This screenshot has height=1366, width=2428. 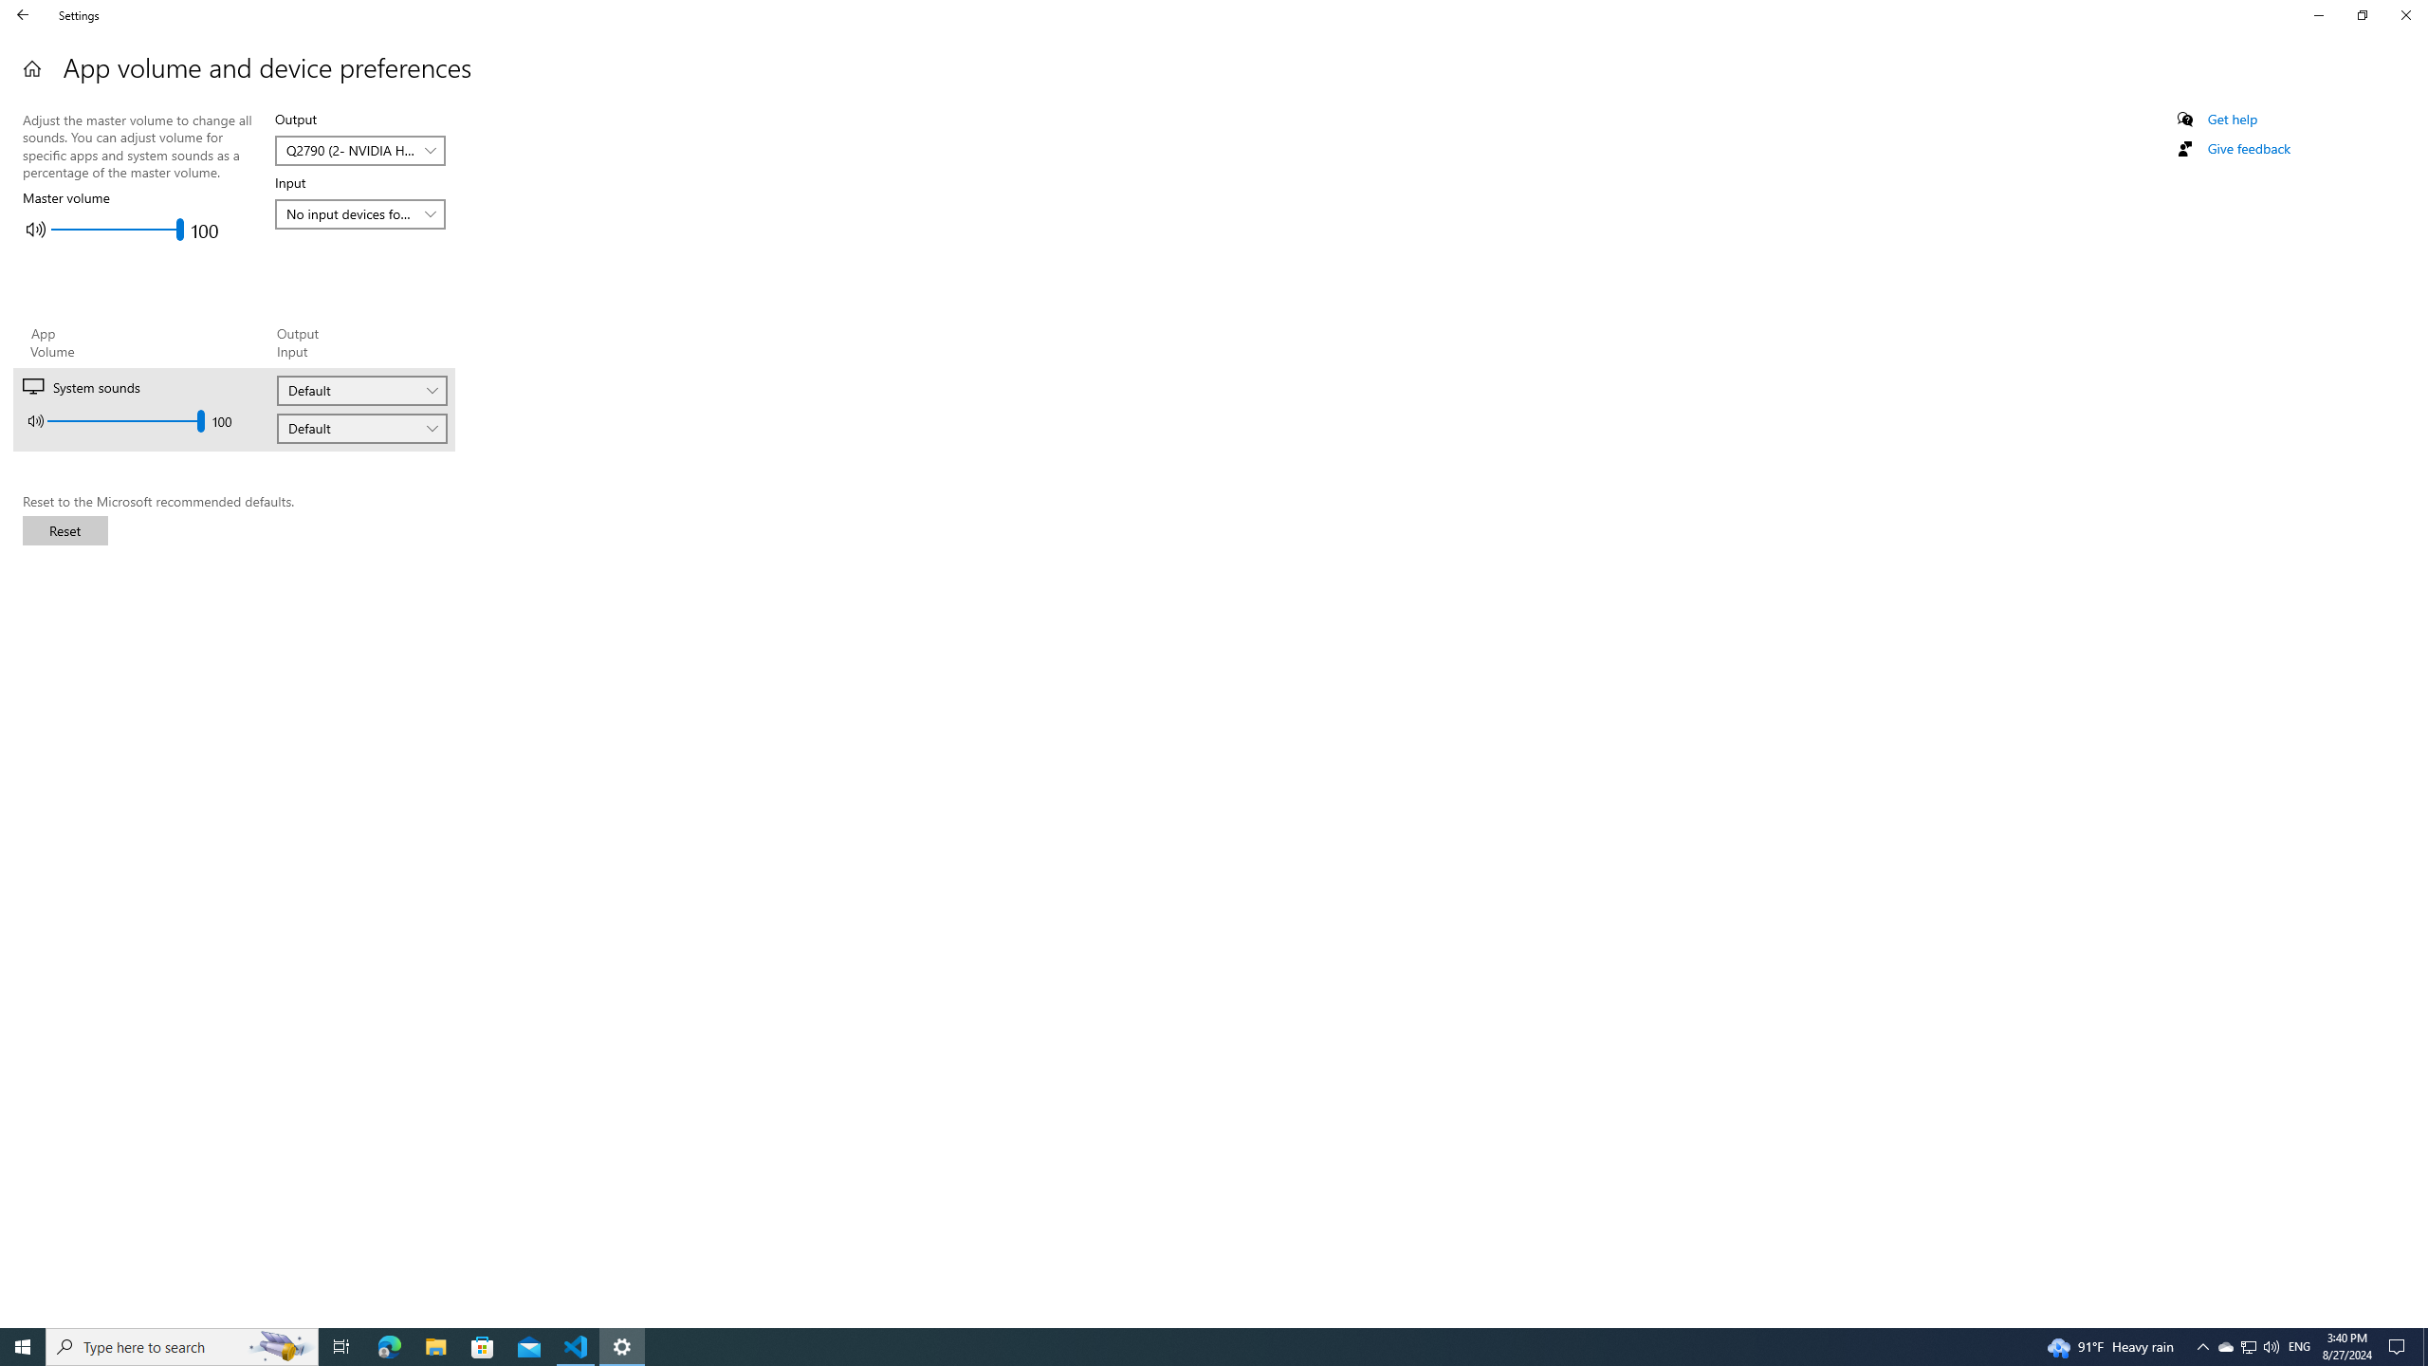 I want to click on 'Reset to the Microsoft recommended defaults.', so click(x=65, y=530).